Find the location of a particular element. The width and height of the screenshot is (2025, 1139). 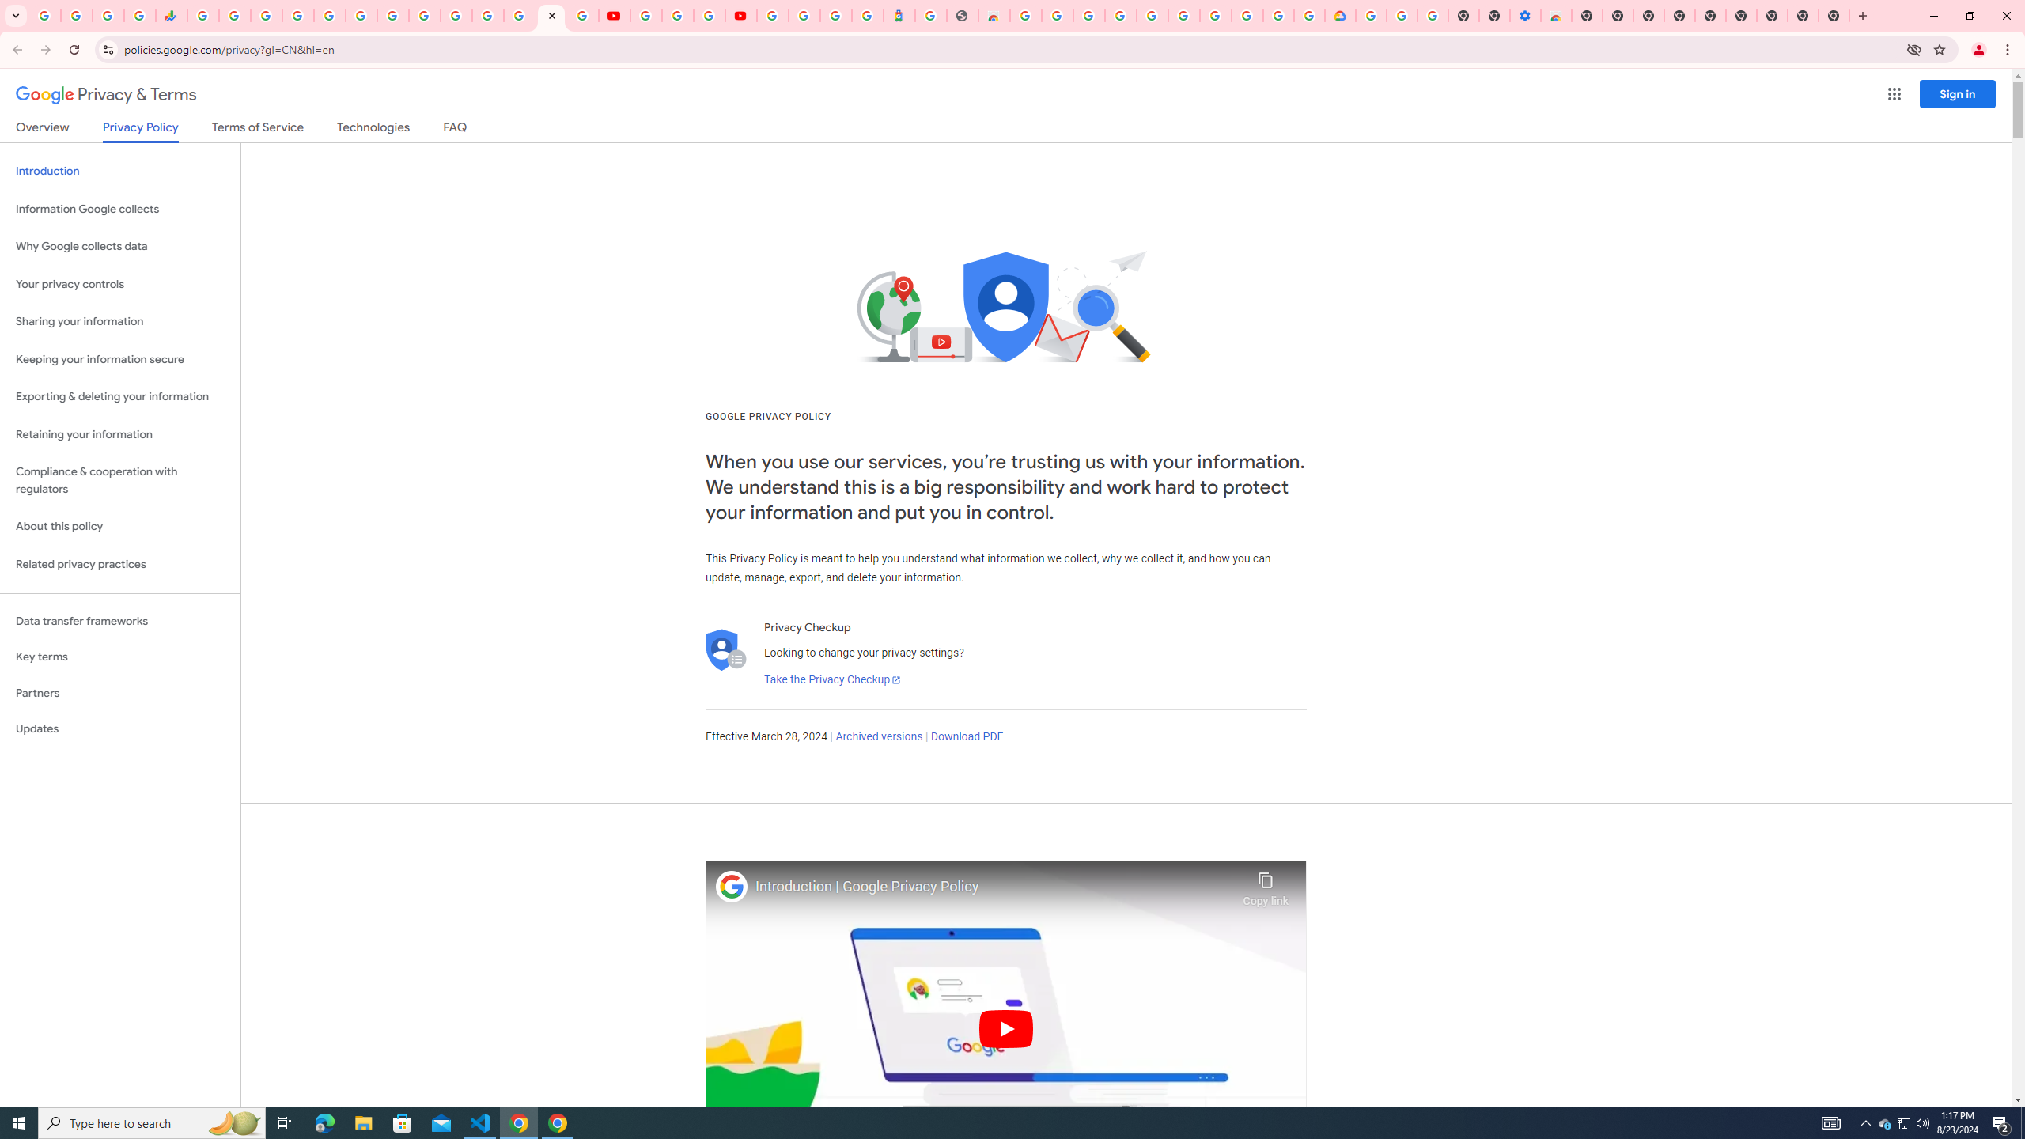

'Back' is located at coordinates (15, 49).